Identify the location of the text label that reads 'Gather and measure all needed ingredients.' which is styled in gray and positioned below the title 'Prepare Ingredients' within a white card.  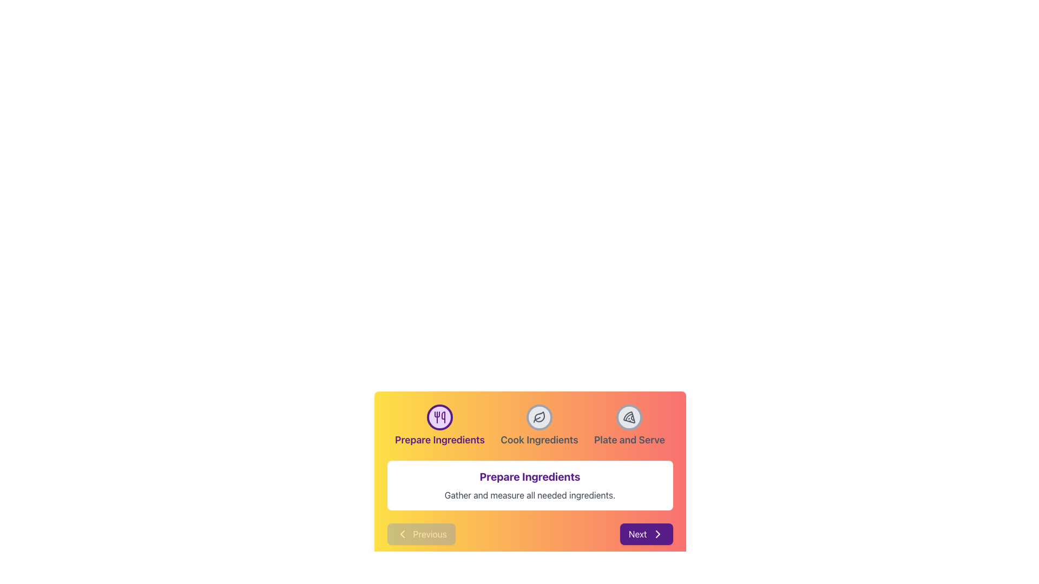
(530, 495).